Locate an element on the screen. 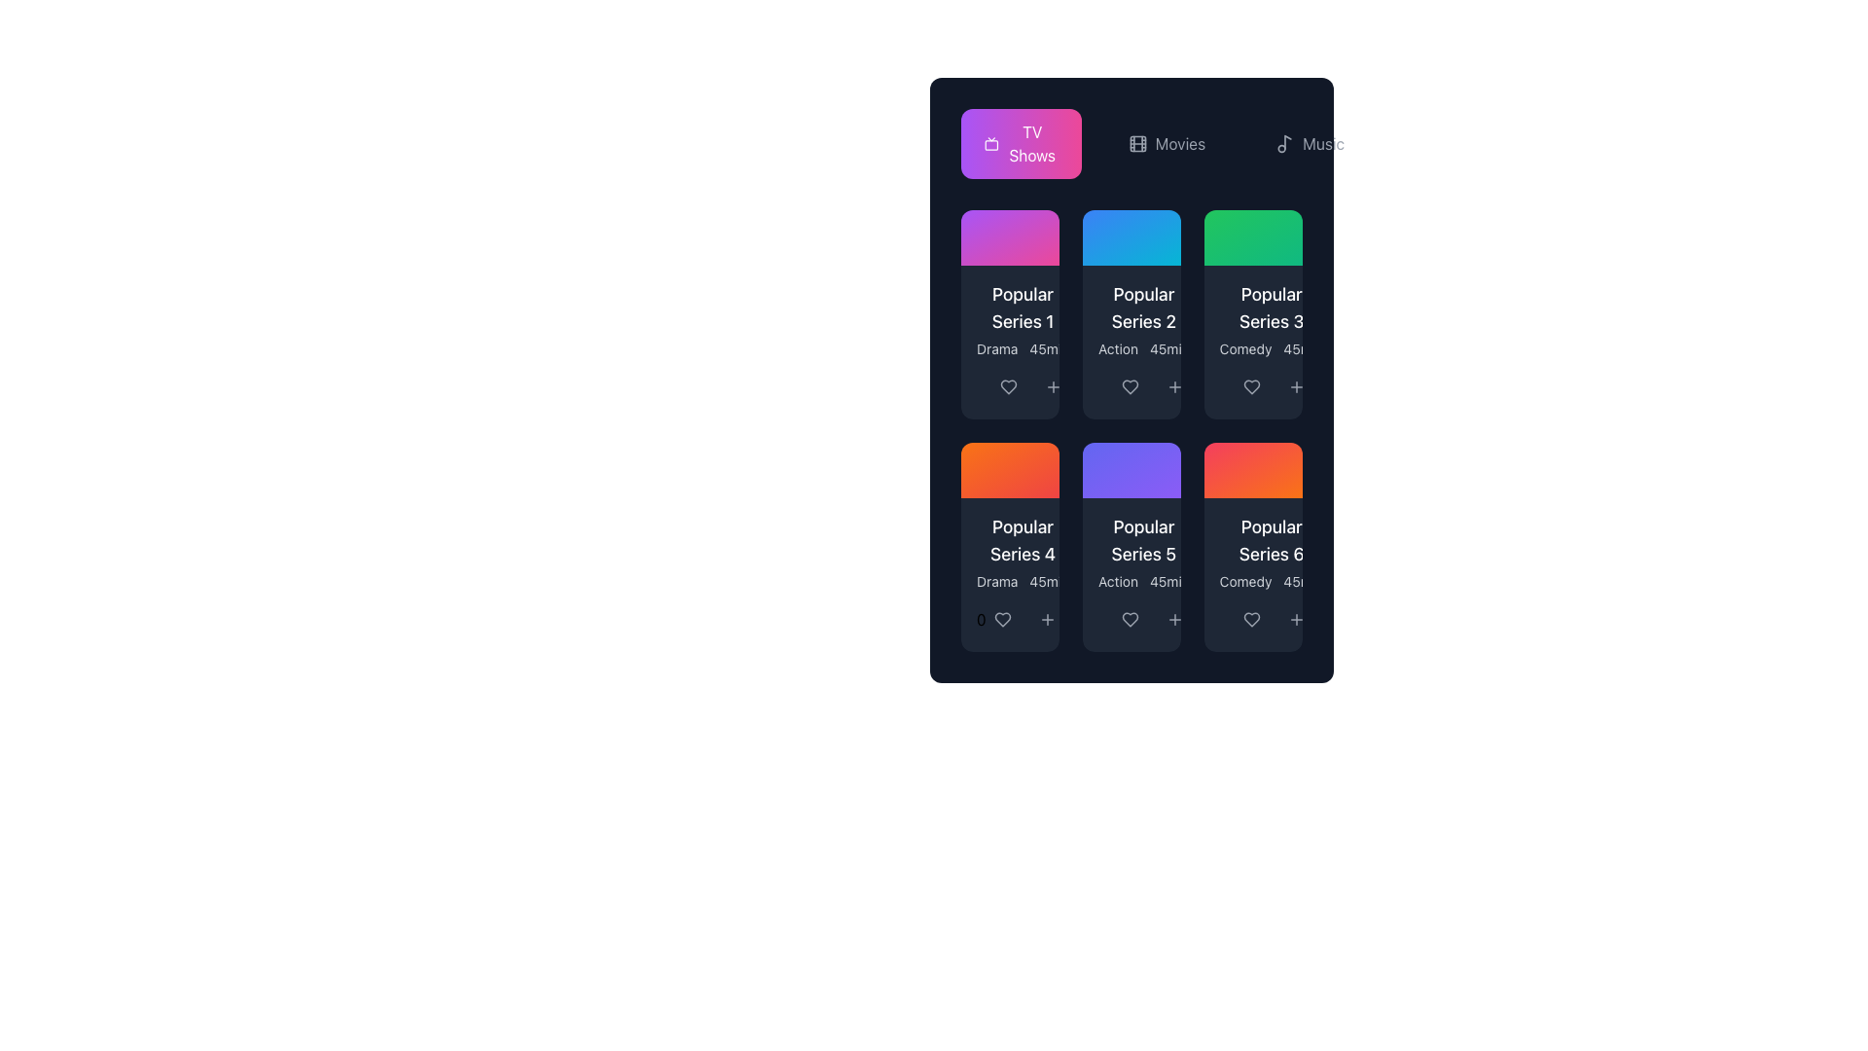 The width and height of the screenshot is (1868, 1051). the content associated with the decorative header or background of the card that is located above the 'Popular Series 1' card in the 'TV Shows' section is located at coordinates (1010, 236).